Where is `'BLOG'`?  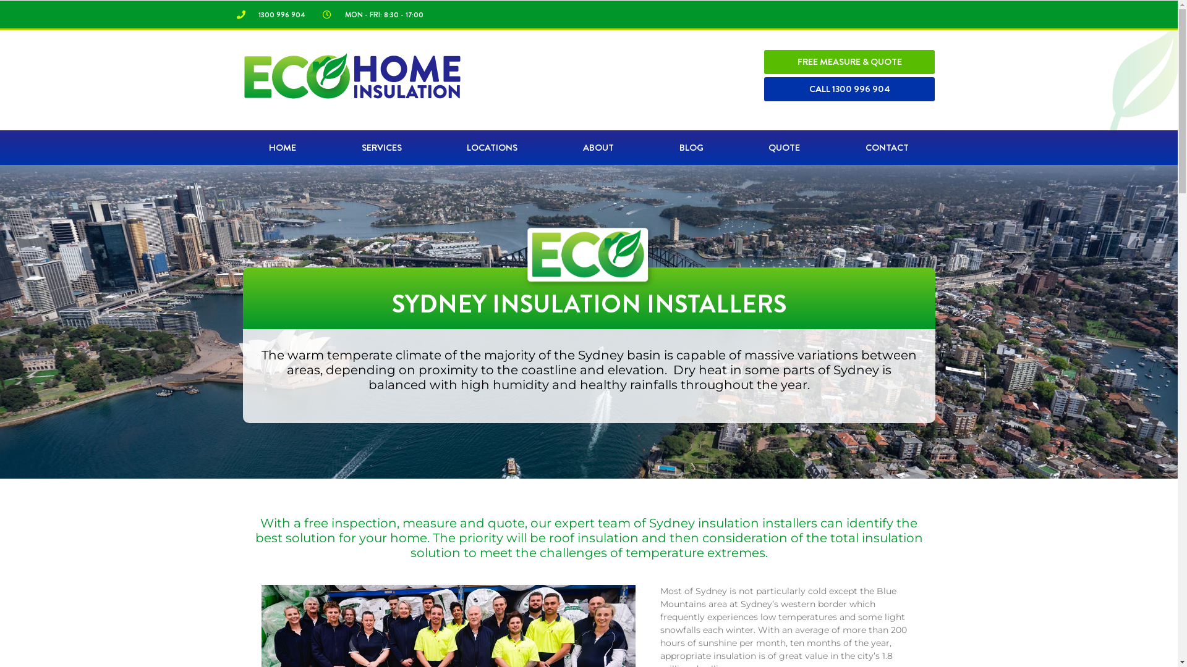 'BLOG' is located at coordinates (691, 147).